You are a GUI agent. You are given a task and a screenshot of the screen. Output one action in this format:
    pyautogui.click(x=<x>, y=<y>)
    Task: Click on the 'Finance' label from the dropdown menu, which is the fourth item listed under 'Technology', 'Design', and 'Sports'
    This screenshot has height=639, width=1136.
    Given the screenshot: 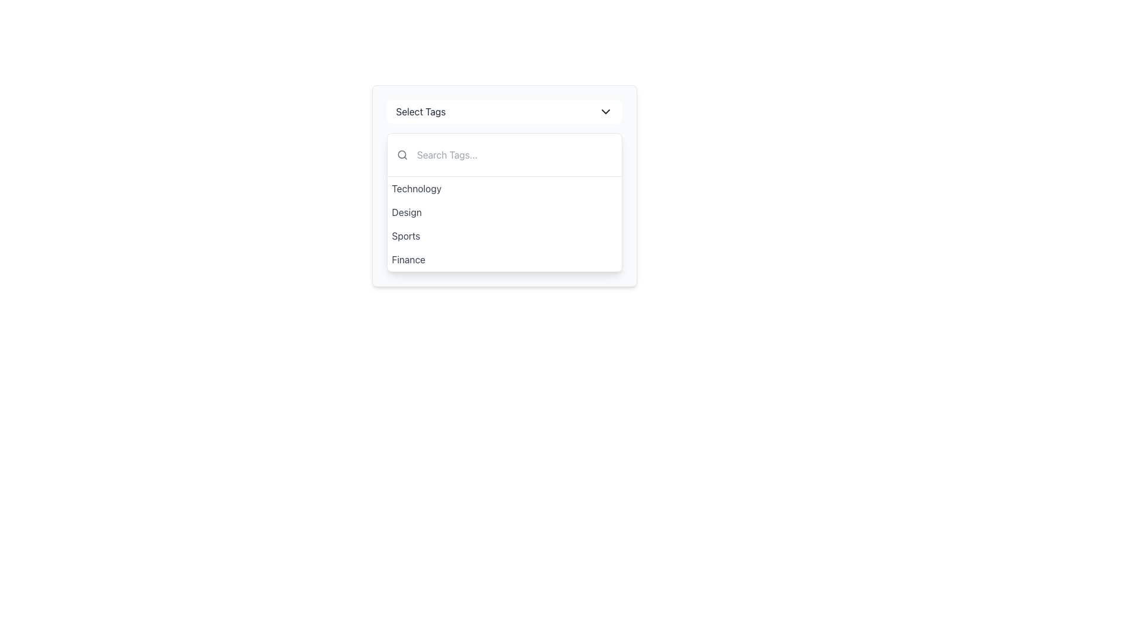 What is the action you would take?
    pyautogui.click(x=408, y=259)
    